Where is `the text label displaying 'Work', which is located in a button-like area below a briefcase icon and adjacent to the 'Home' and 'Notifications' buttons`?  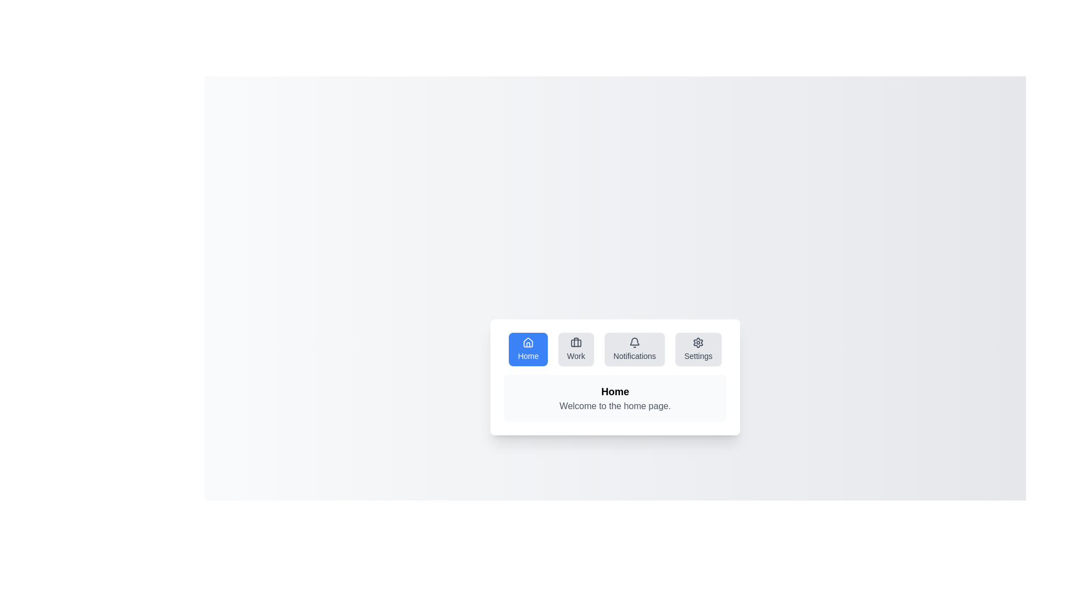
the text label displaying 'Work', which is located in a button-like area below a briefcase icon and adjacent to the 'Home' and 'Notifications' buttons is located at coordinates (576, 356).